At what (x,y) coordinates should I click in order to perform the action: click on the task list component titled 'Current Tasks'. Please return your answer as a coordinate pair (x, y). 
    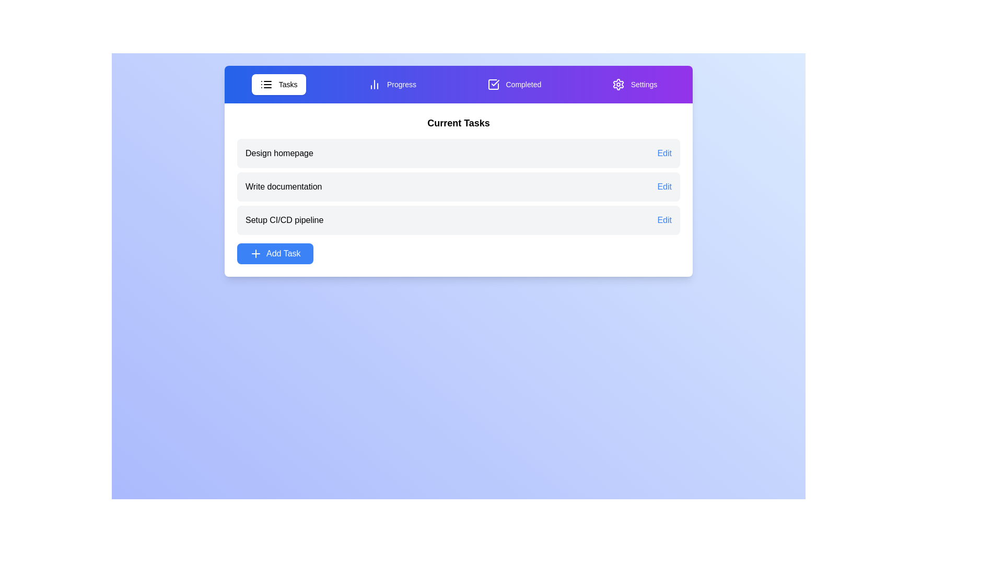
    Looking at the image, I should click on (459, 190).